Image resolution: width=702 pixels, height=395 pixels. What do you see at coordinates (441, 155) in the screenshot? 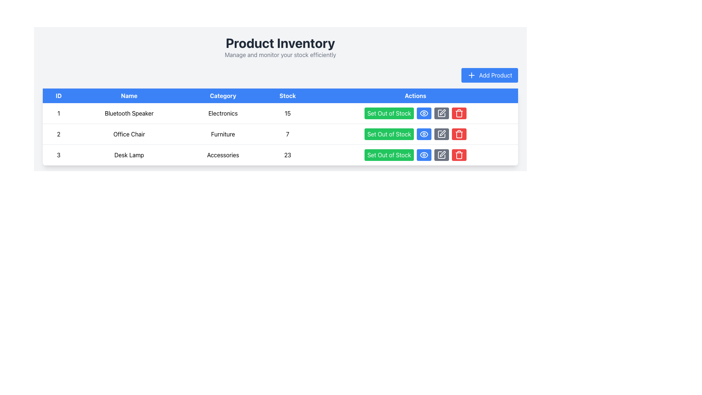
I see `the 'Edit' button associated with the 'Desk Lamp' item in the third row of the table` at bounding box center [441, 155].